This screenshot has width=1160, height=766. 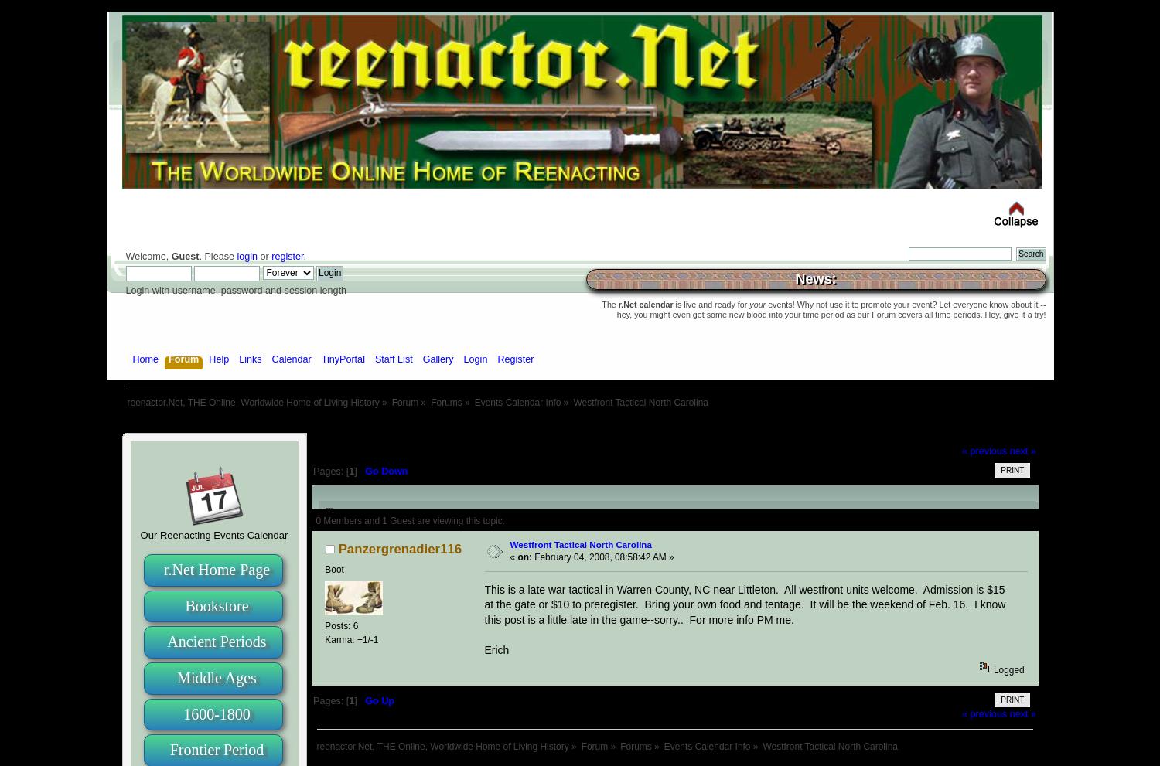 I want to click on 'Posts: 6', so click(x=340, y=625).